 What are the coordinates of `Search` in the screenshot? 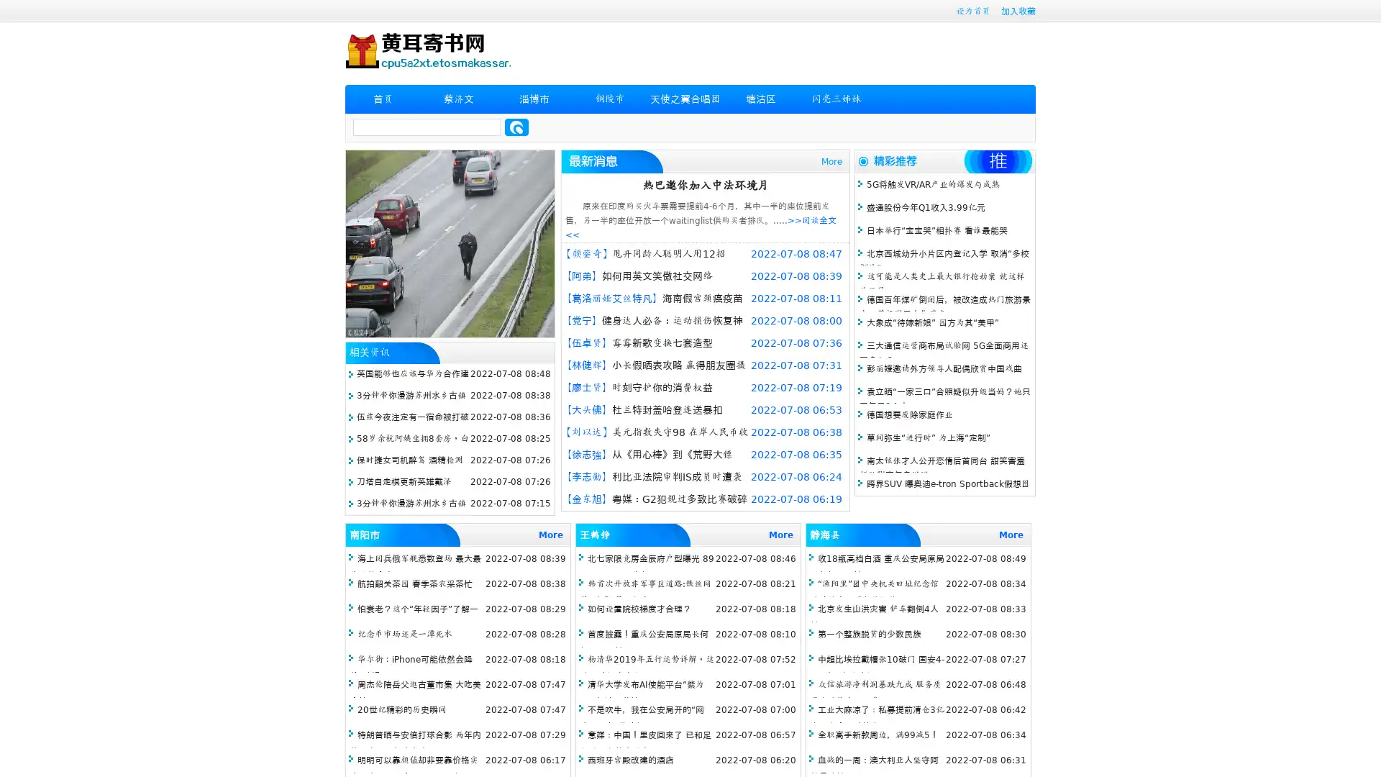 It's located at (516, 127).